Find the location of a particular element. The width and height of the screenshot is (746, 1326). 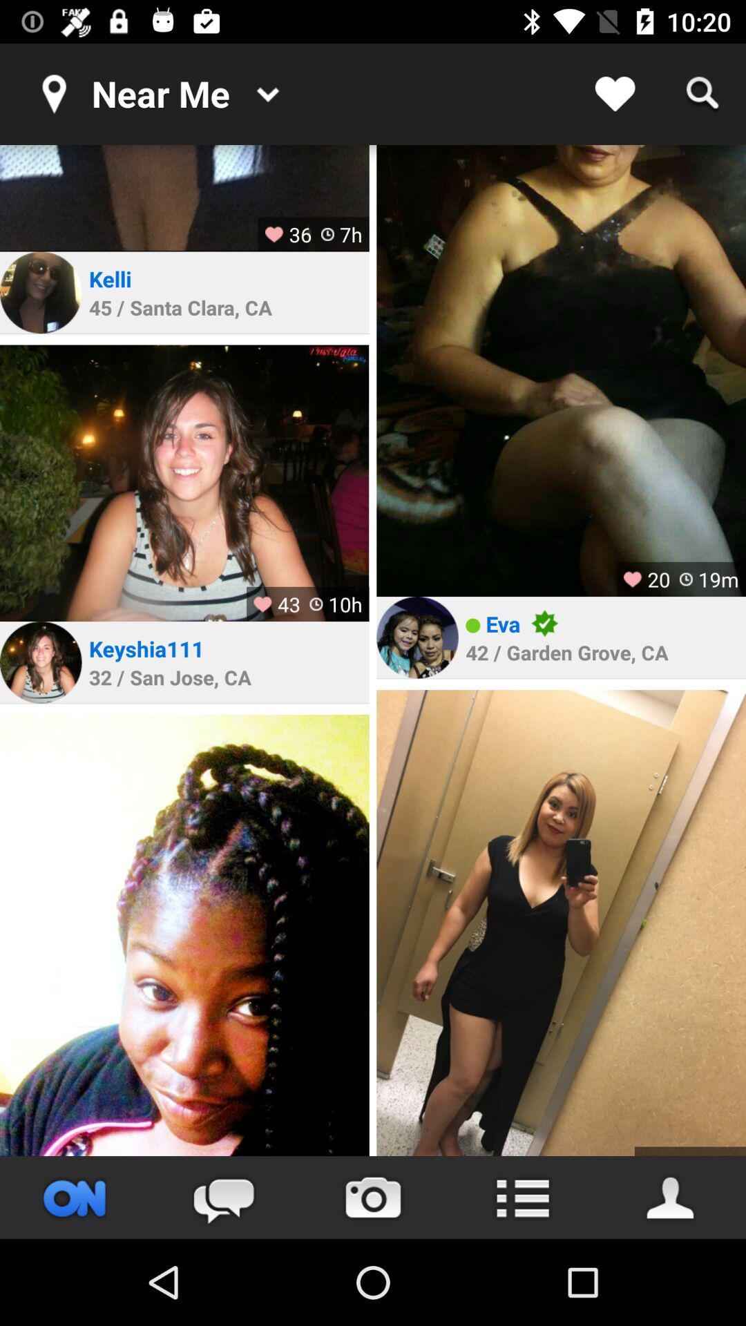

the keyshia111 icon is located at coordinates (146, 648).